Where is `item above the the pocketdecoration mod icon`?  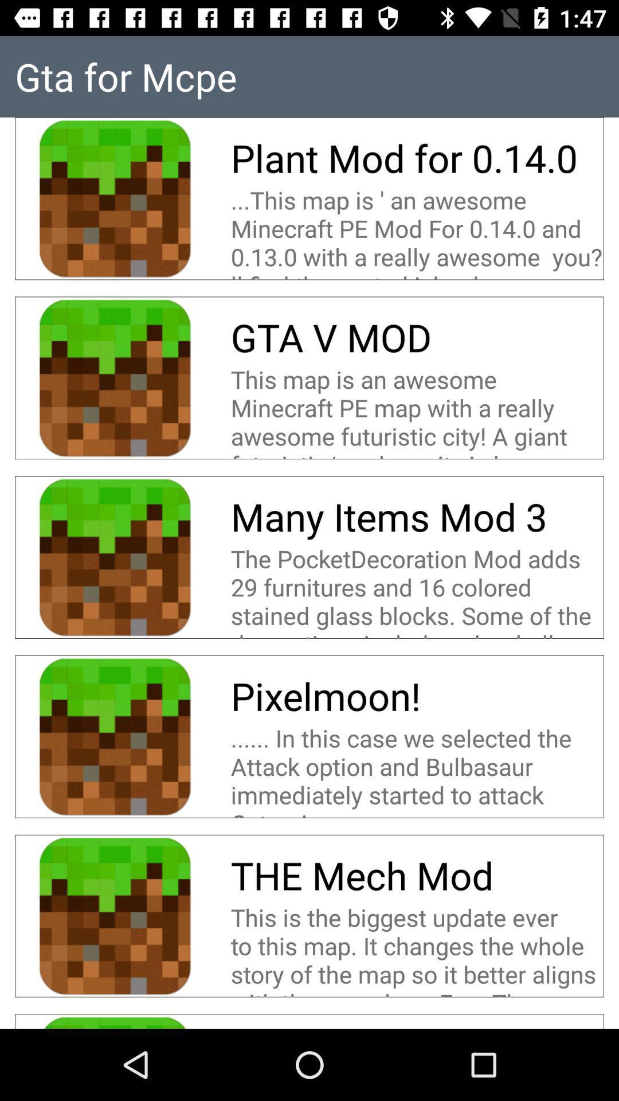 item above the the pocketdecoration mod icon is located at coordinates (393, 516).